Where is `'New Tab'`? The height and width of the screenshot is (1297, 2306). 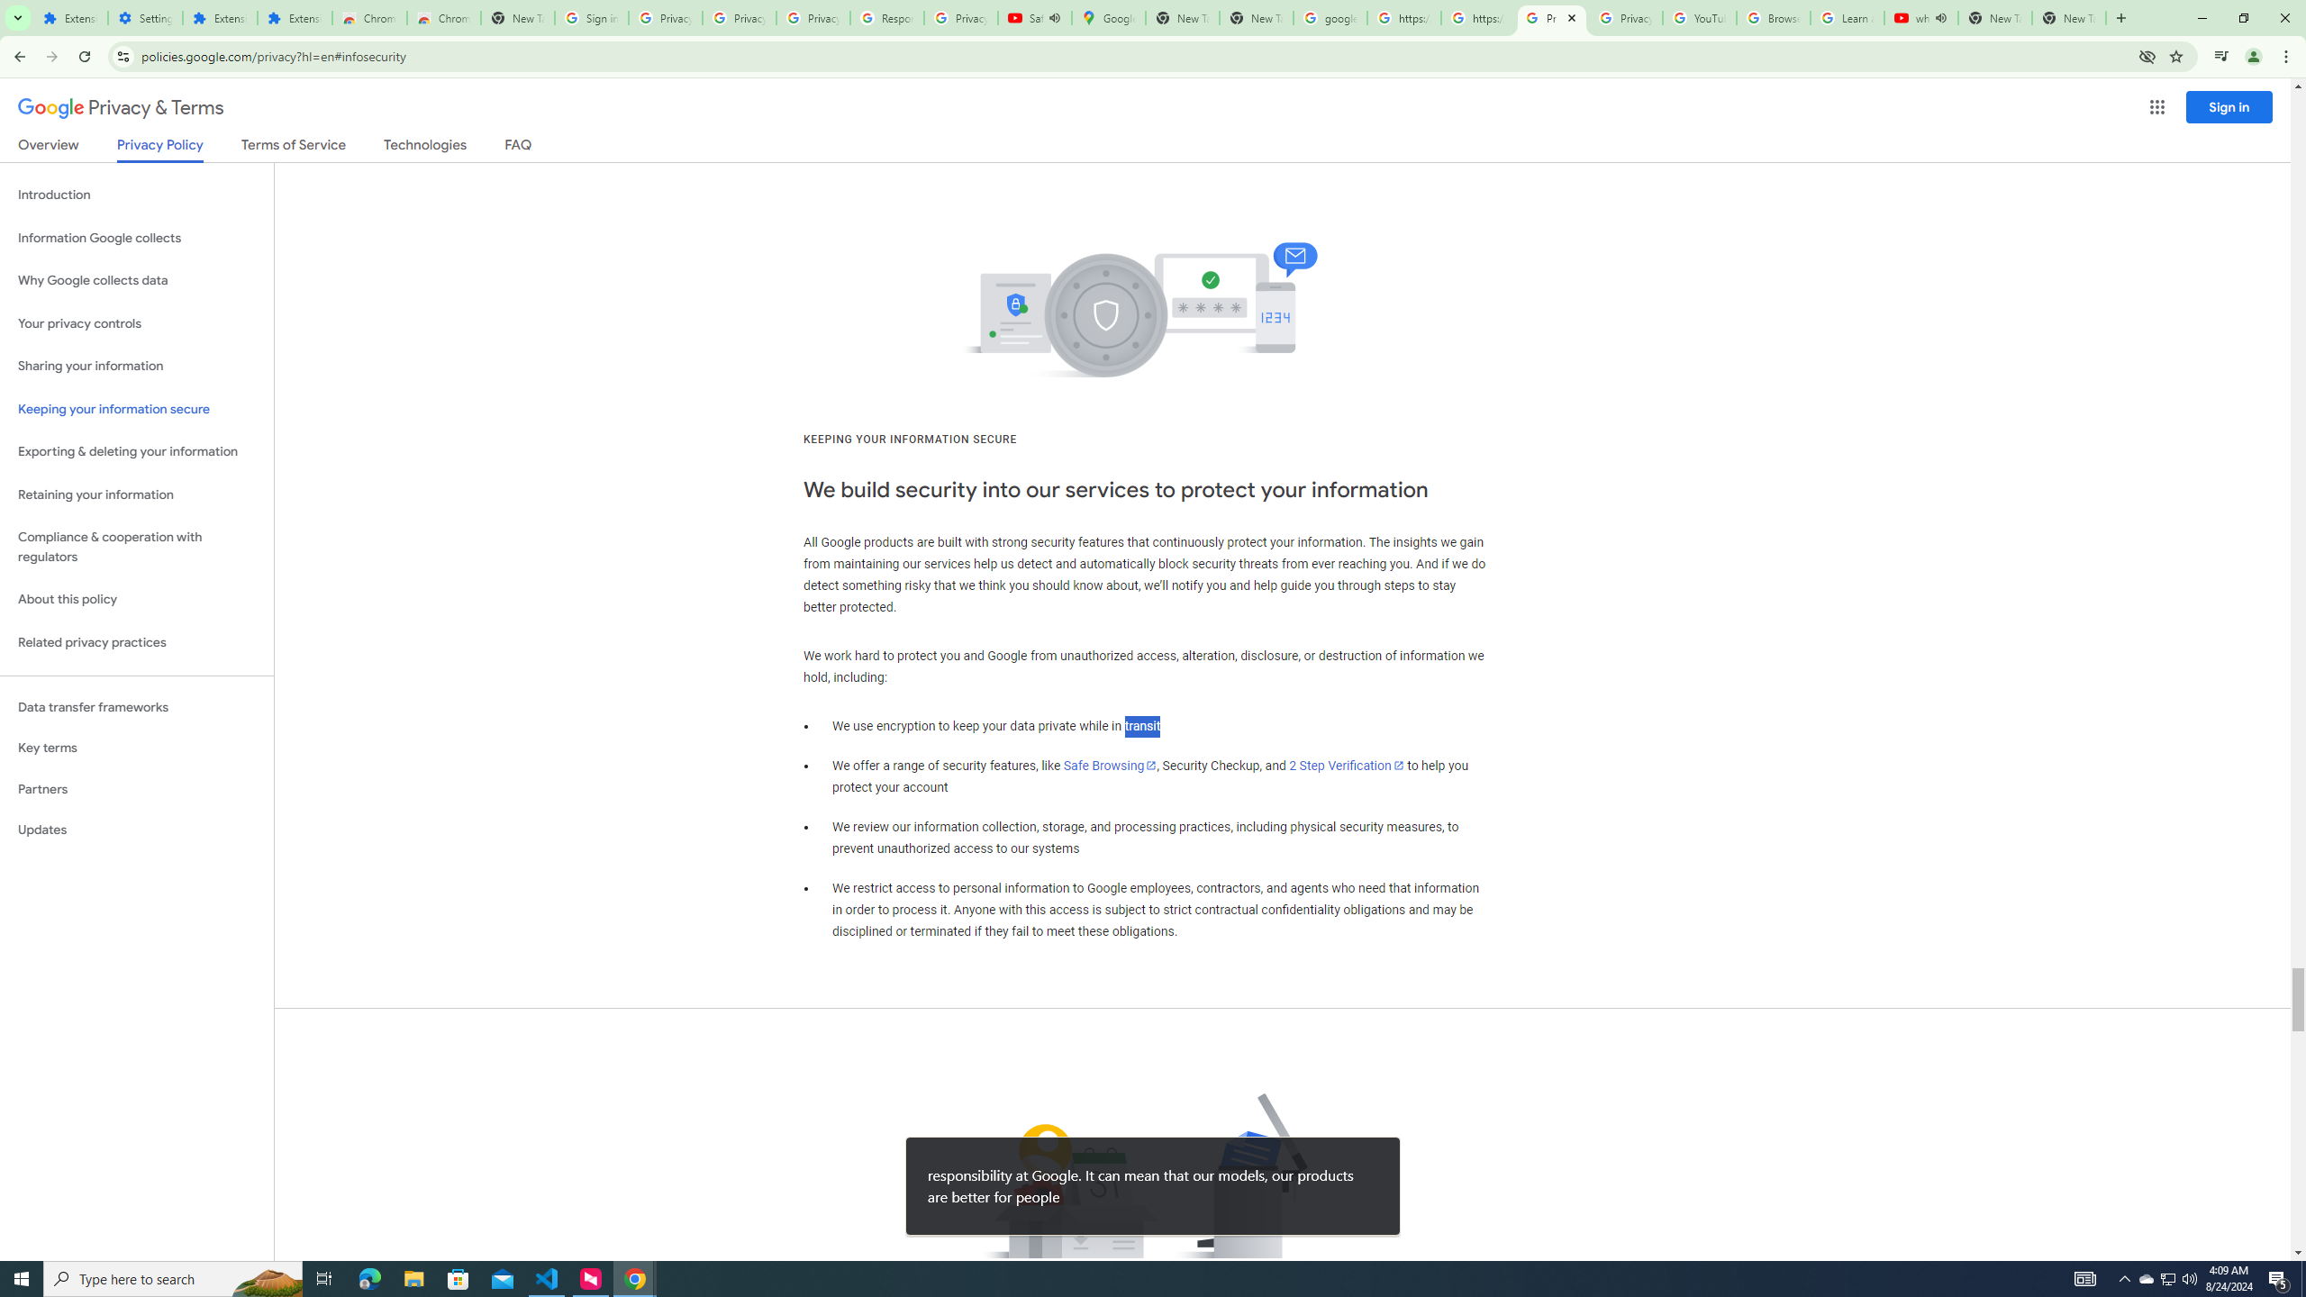
'New Tab' is located at coordinates (2068, 17).